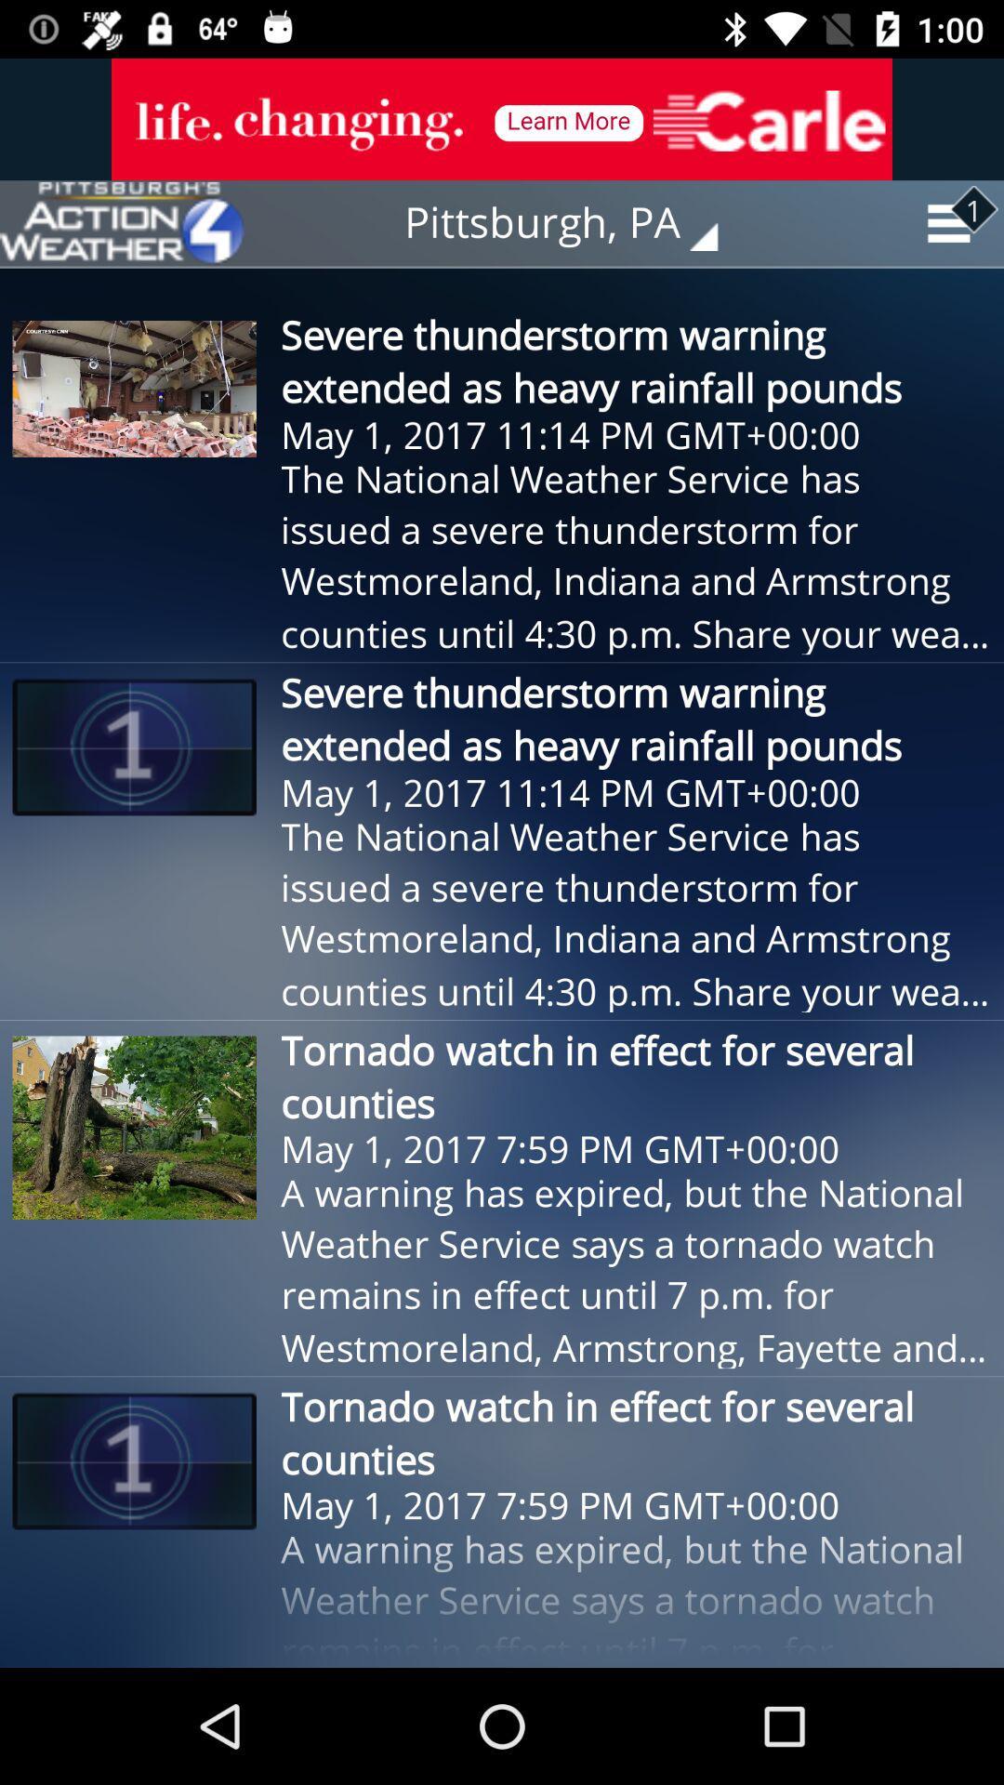 This screenshot has width=1004, height=1785. I want to click on the pittsburgh, pa item, so click(574, 223).